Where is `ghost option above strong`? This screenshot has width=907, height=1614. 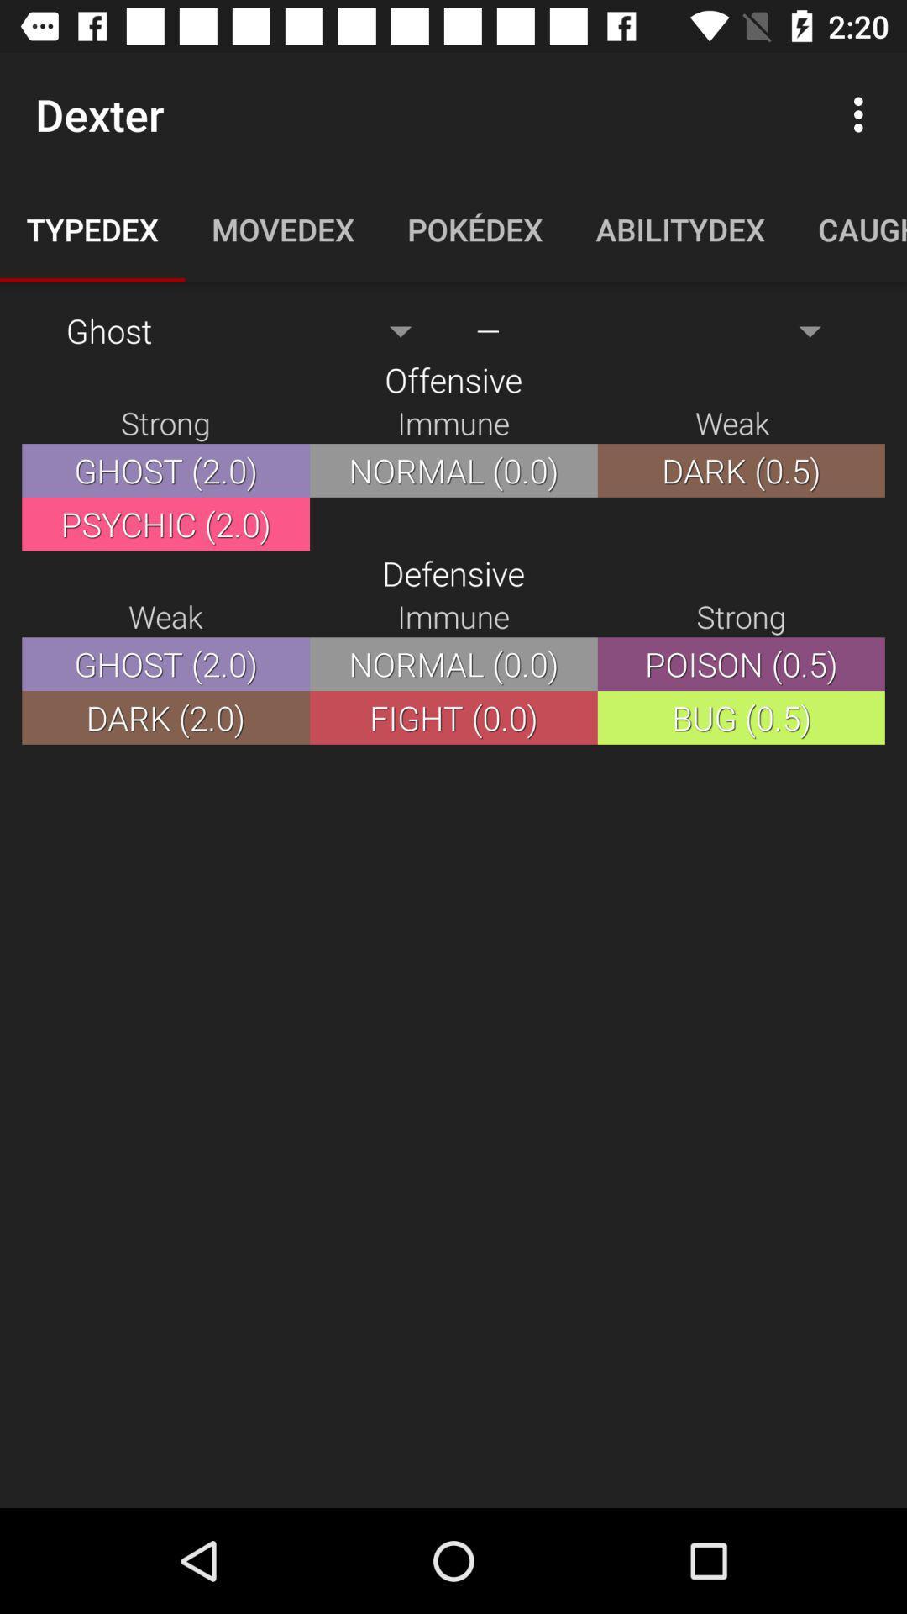 ghost option above strong is located at coordinates (249, 330).